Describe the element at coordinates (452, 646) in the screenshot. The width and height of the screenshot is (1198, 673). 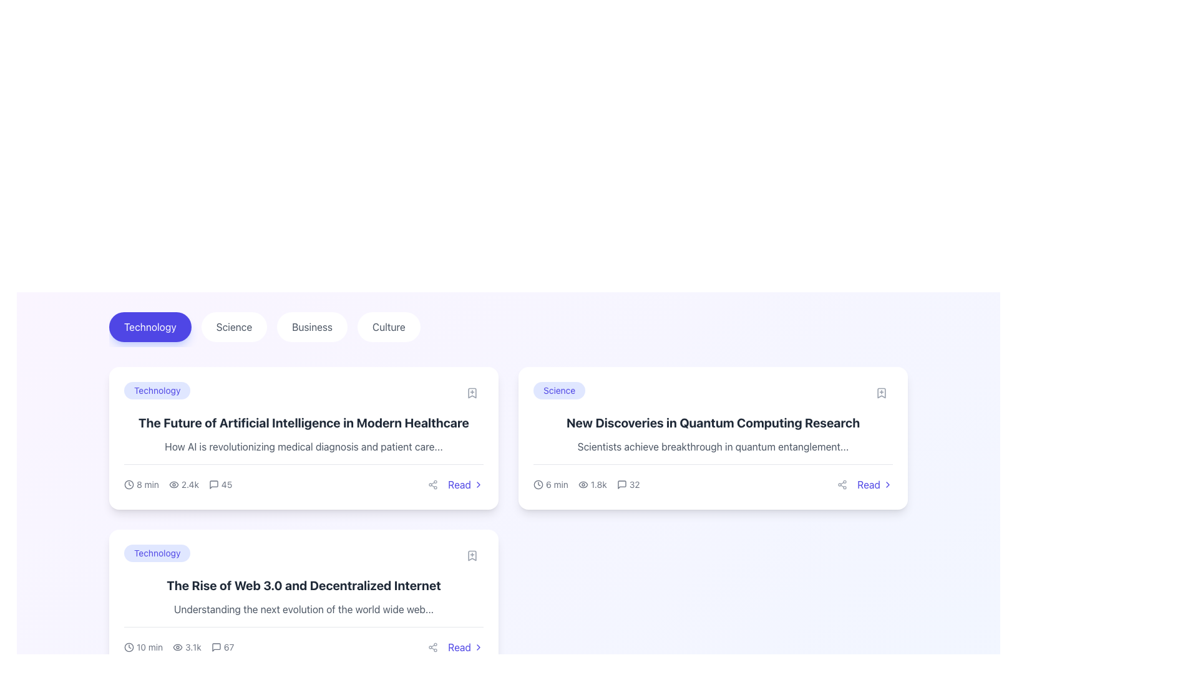
I see `the 'Read' button, which is an indigo blue text label with a right-pointing chevron icon, to observe its visual change` at that location.